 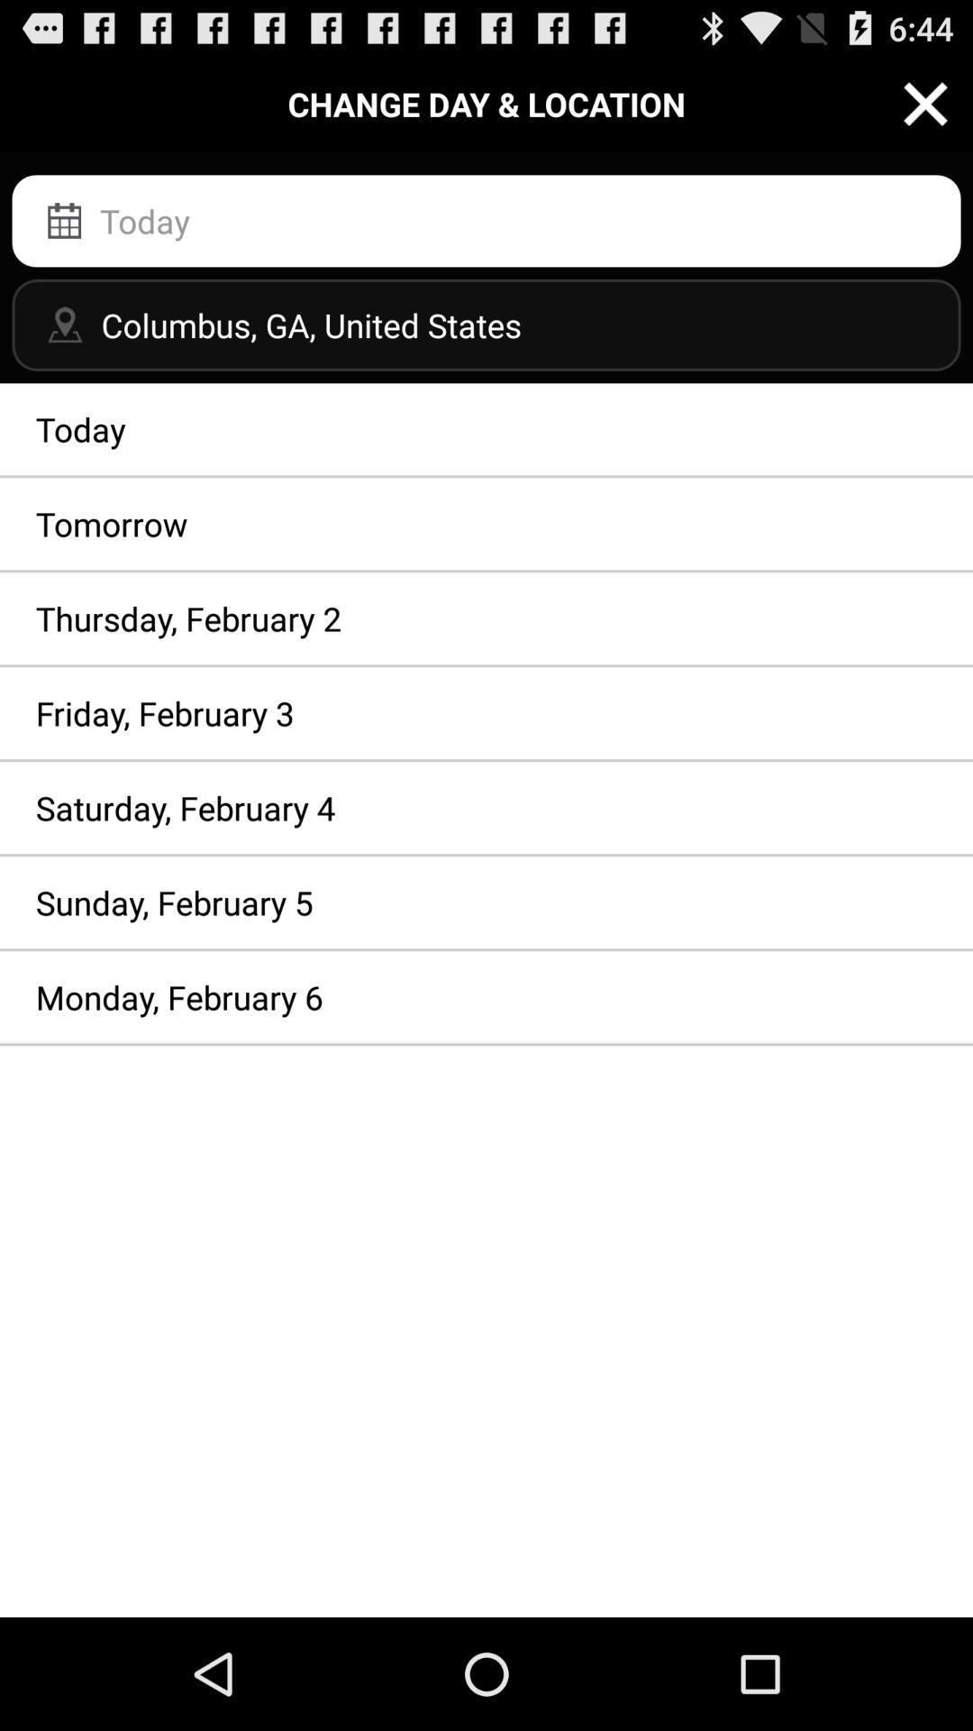 I want to click on item above the columbus ga united, so click(x=486, y=220).